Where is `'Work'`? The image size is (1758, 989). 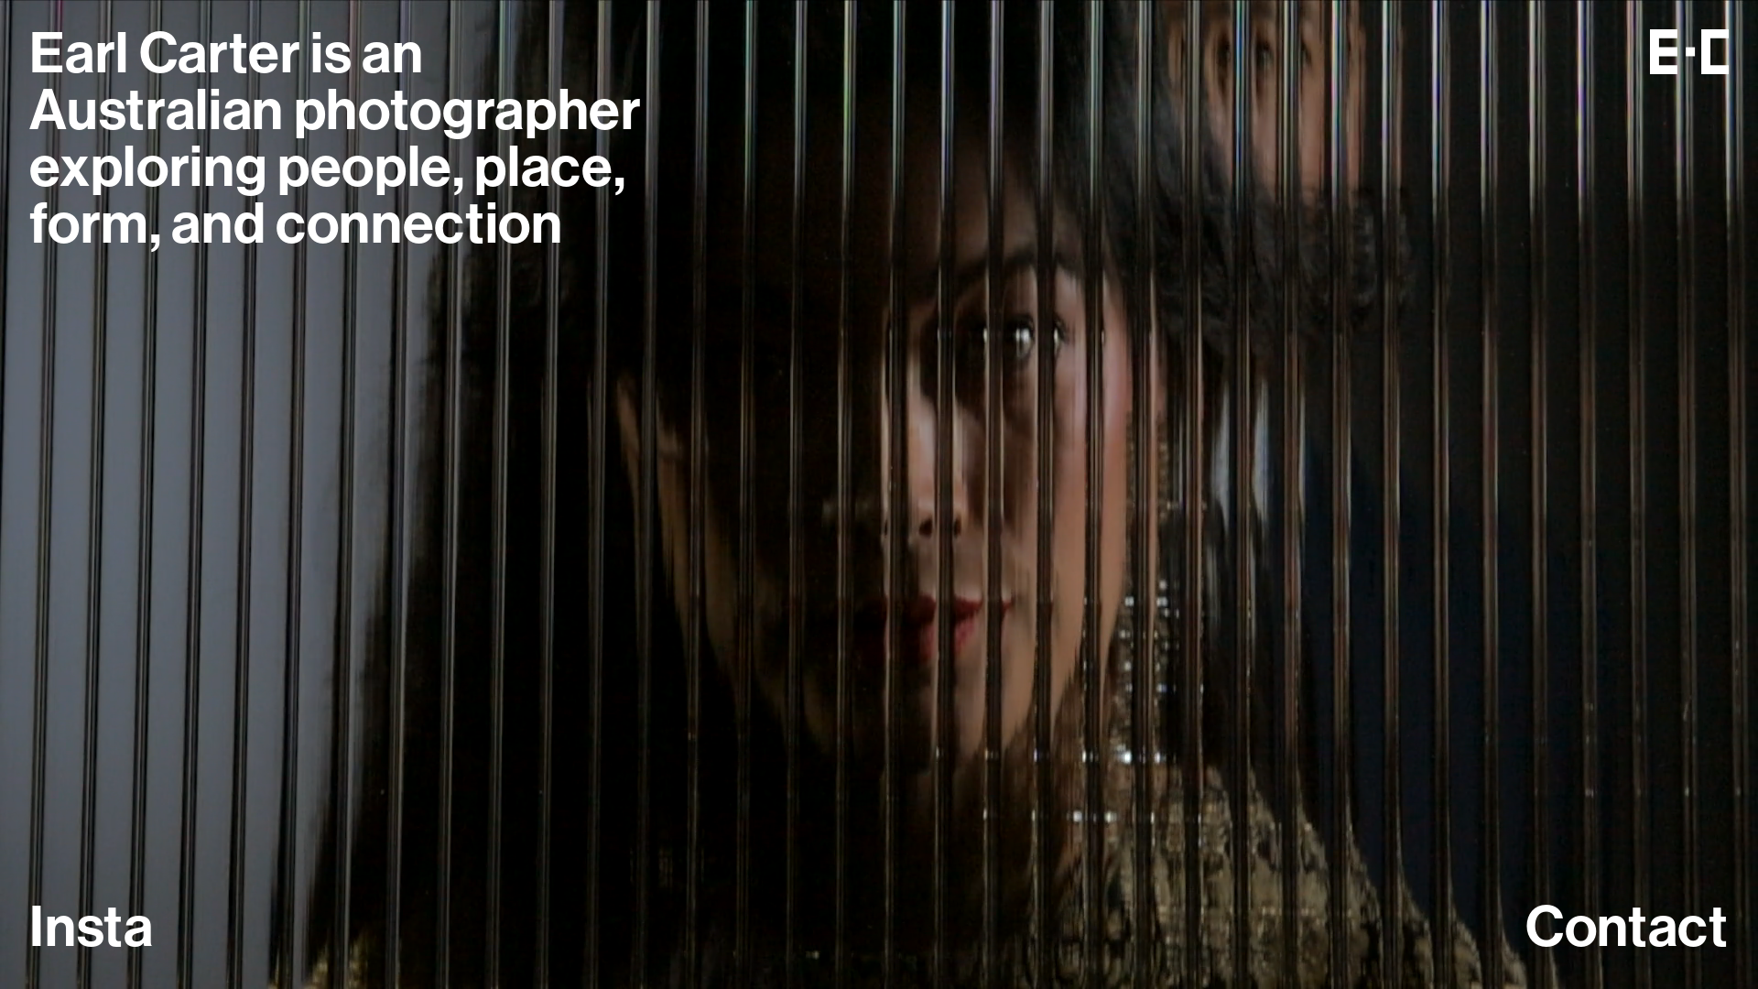
'Work' is located at coordinates (95, 929).